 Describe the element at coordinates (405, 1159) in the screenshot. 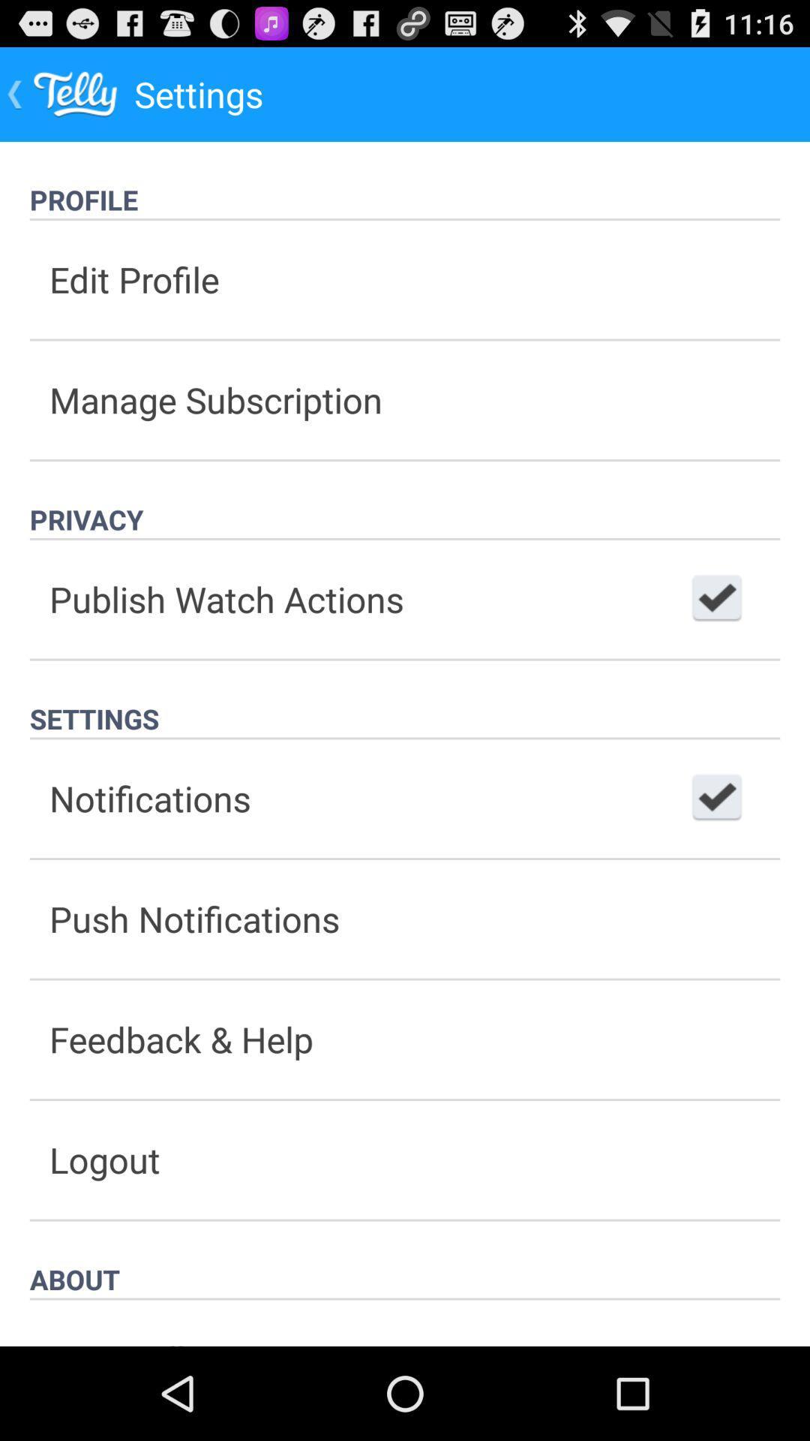

I see `logout button` at that location.